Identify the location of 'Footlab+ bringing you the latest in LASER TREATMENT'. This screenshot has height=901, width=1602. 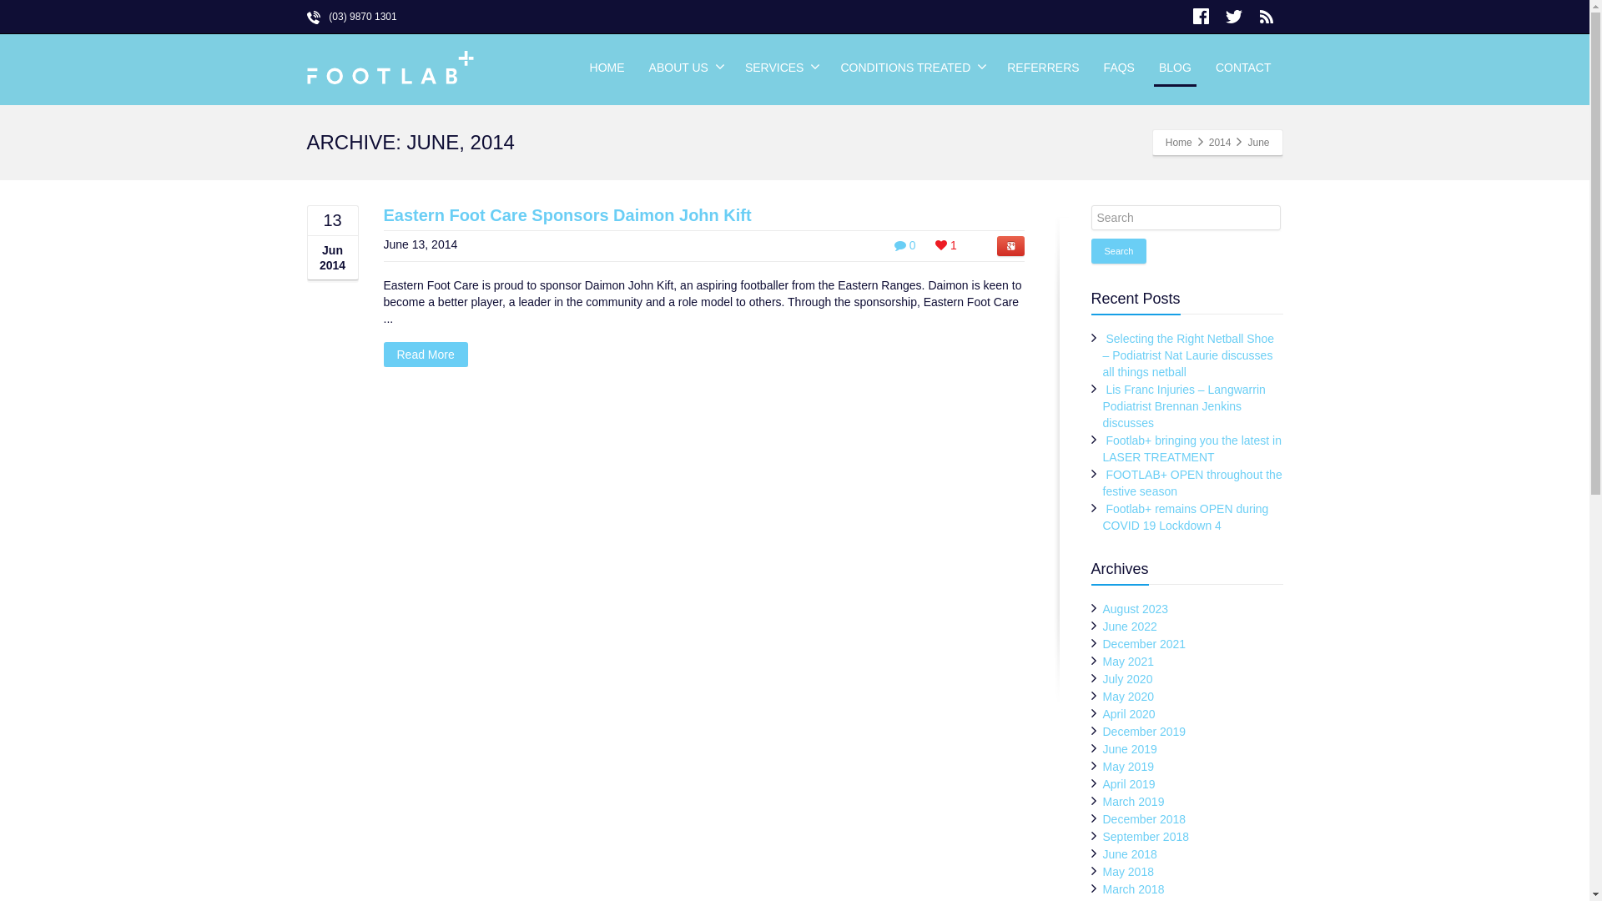
(1191, 447).